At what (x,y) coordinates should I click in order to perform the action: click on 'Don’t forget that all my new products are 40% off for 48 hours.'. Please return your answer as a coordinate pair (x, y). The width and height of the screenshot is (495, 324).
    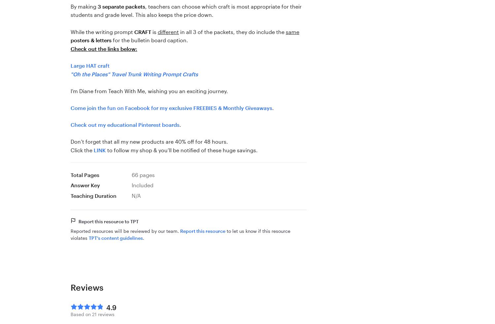
    Looking at the image, I should click on (149, 141).